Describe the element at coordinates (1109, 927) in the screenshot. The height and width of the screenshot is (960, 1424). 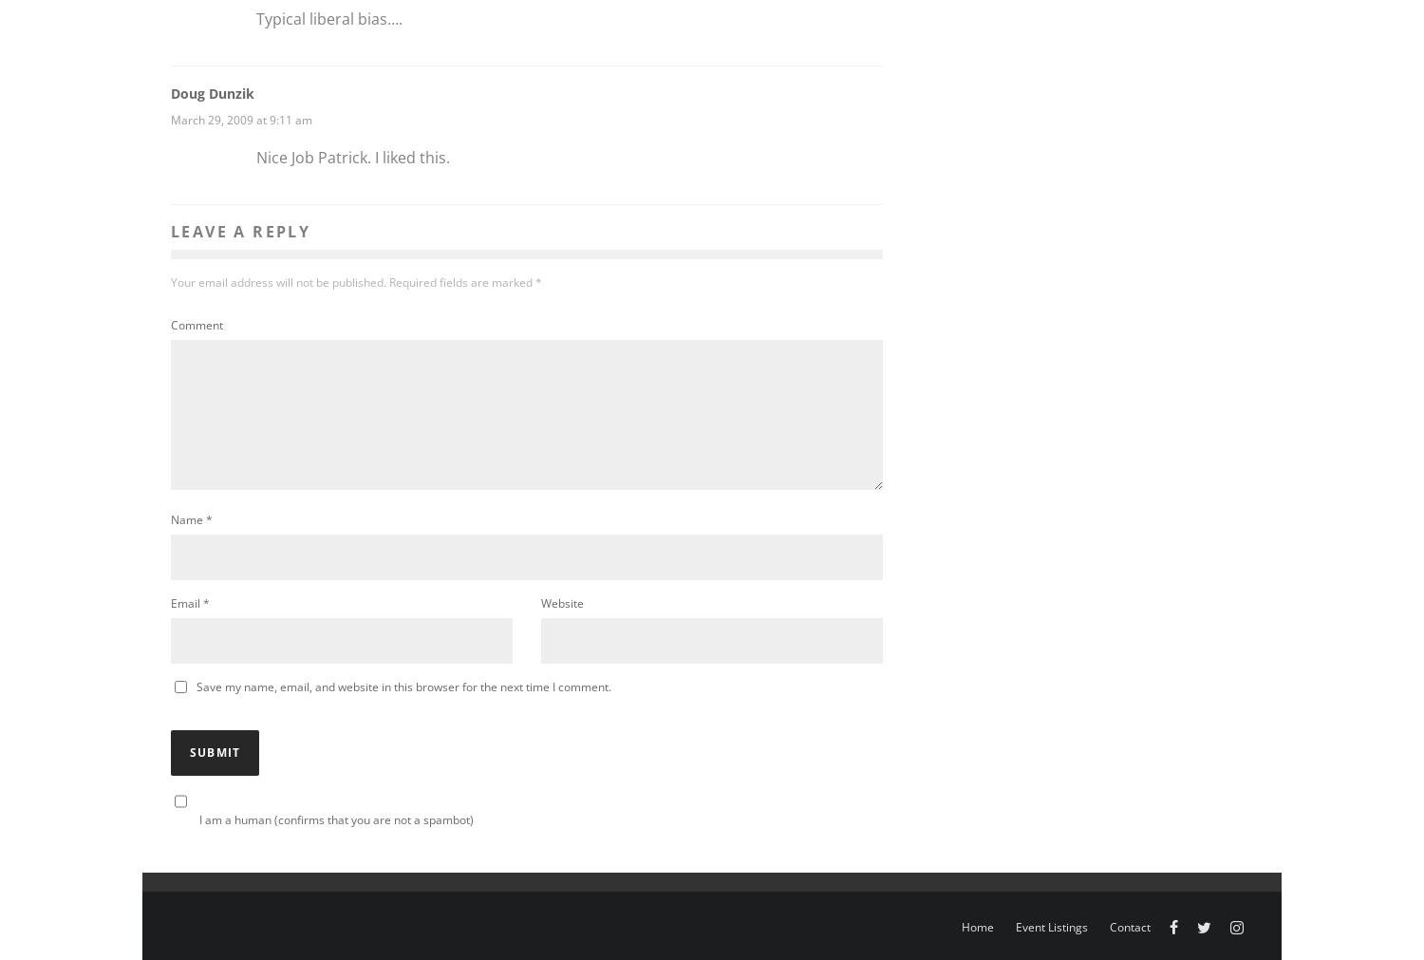
I see `'Contact'` at that location.